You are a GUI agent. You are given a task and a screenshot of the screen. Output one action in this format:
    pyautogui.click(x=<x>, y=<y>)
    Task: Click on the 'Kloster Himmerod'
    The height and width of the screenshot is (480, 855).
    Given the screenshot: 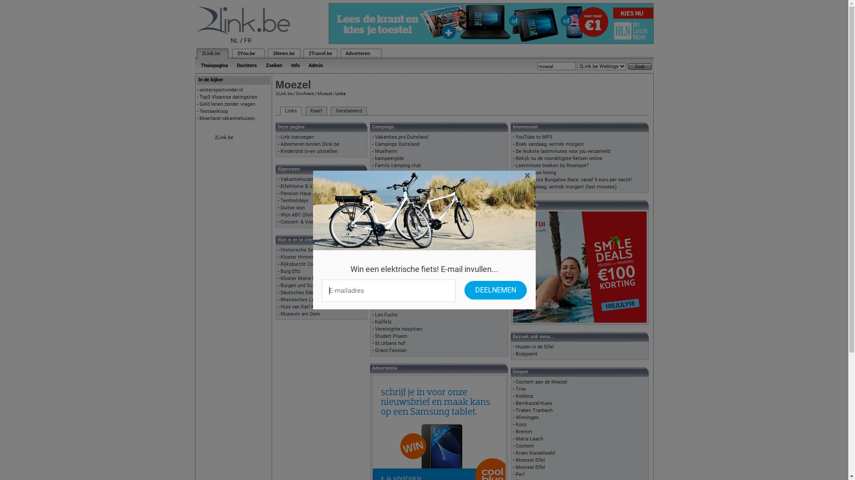 What is the action you would take?
    pyautogui.click(x=280, y=257)
    